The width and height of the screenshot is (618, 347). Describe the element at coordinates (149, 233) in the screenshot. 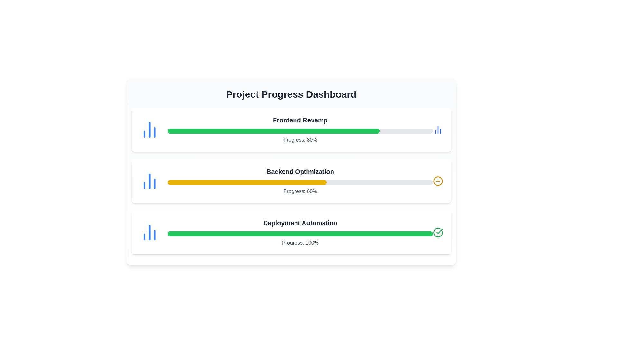

I see `the vertical bar chart icon, which is styled in blue and located within the 'Deployment Automation' card, positioned to the far left adjacent to a green progress bar and a checkmark icon` at that location.